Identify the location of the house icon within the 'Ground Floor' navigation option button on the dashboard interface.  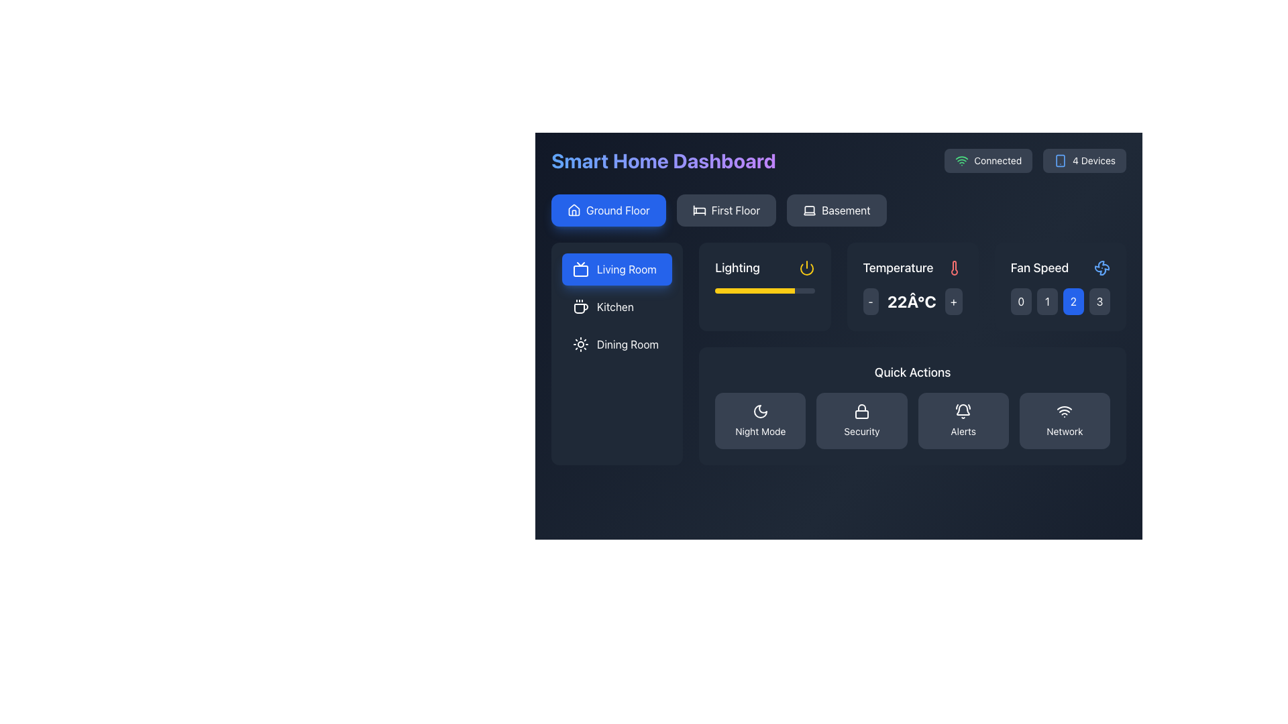
(574, 209).